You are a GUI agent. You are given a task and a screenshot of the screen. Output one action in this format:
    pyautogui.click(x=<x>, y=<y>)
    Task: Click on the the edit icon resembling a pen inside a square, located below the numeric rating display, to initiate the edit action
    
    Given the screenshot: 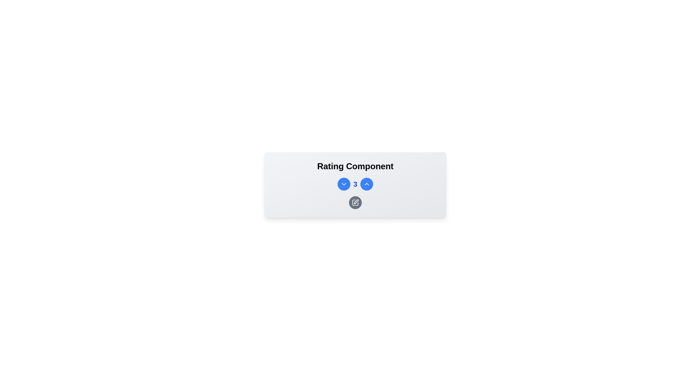 What is the action you would take?
    pyautogui.click(x=356, y=202)
    